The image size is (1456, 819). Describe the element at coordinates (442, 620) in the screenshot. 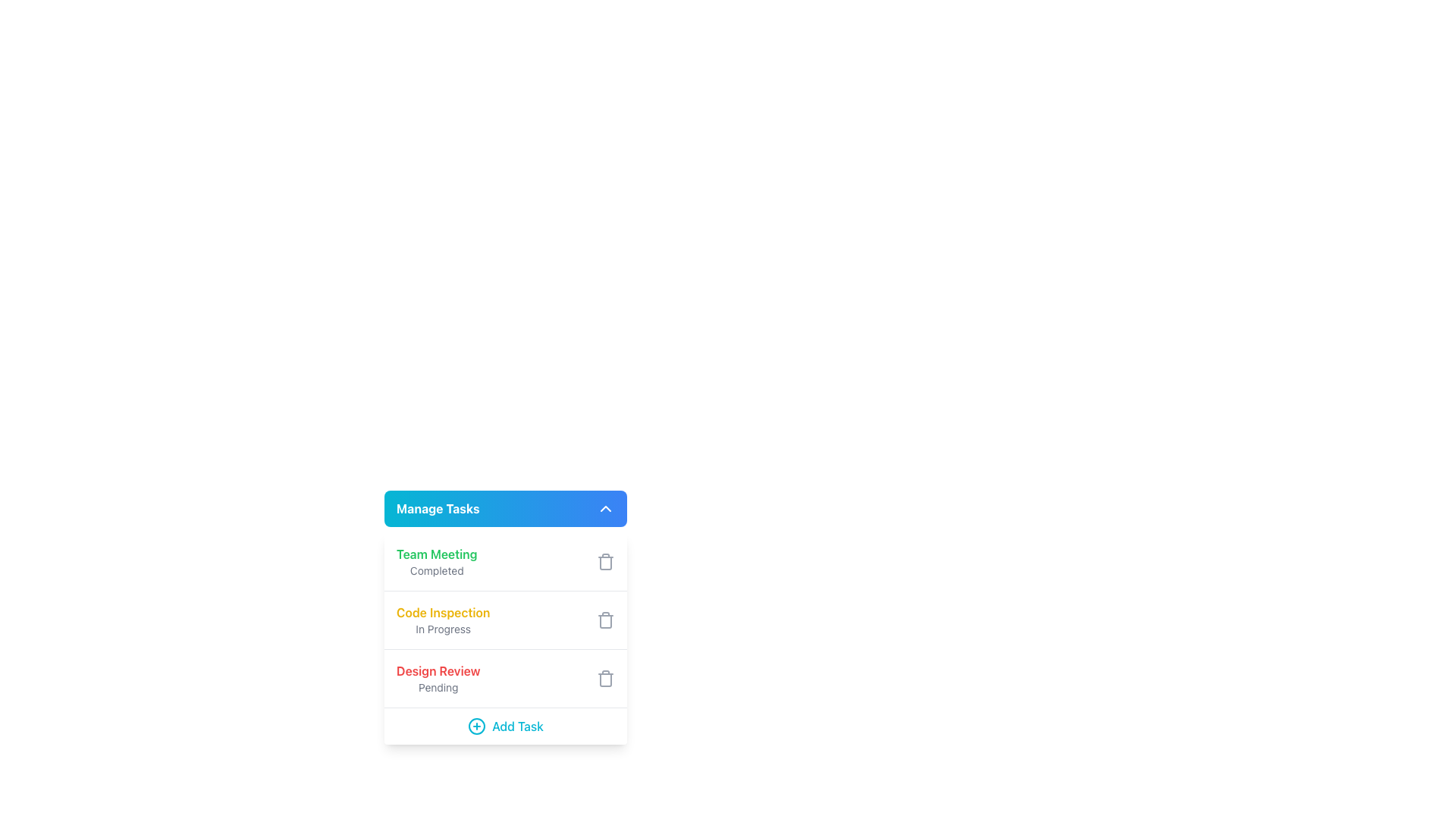

I see `the text element displaying 'Code Inspection' in bold yellow font and 'In Progress' in smaller gray text, which is the second entry in the task list` at that location.